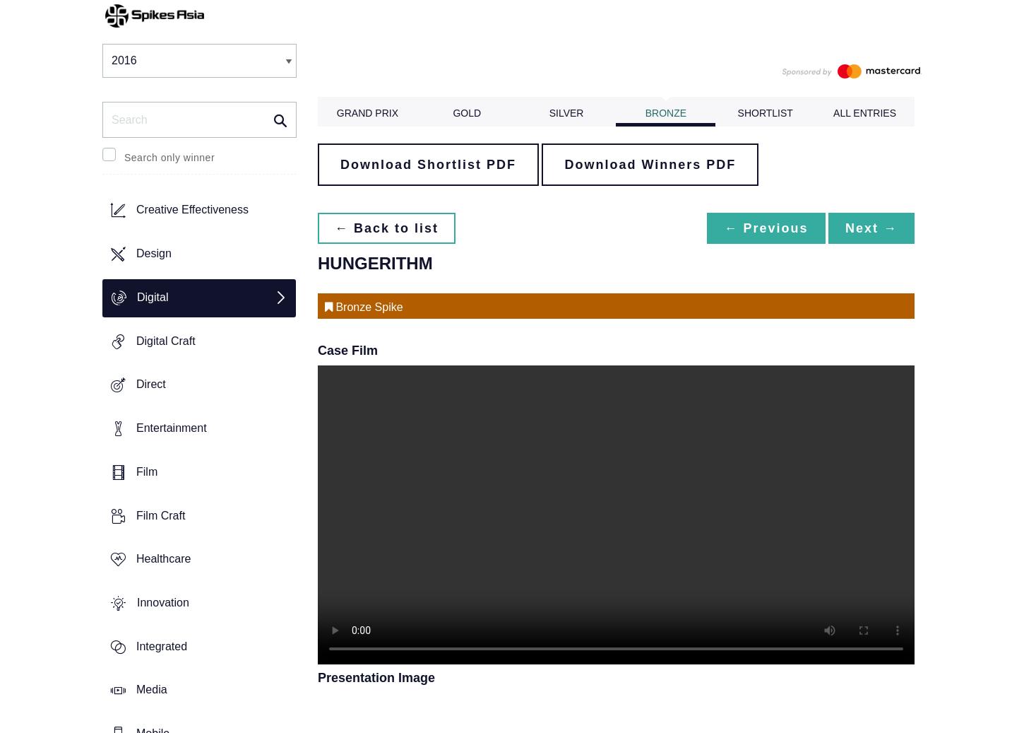 The width and height of the screenshot is (1024, 733). What do you see at coordinates (171, 428) in the screenshot?
I see `'Entertainment'` at bounding box center [171, 428].